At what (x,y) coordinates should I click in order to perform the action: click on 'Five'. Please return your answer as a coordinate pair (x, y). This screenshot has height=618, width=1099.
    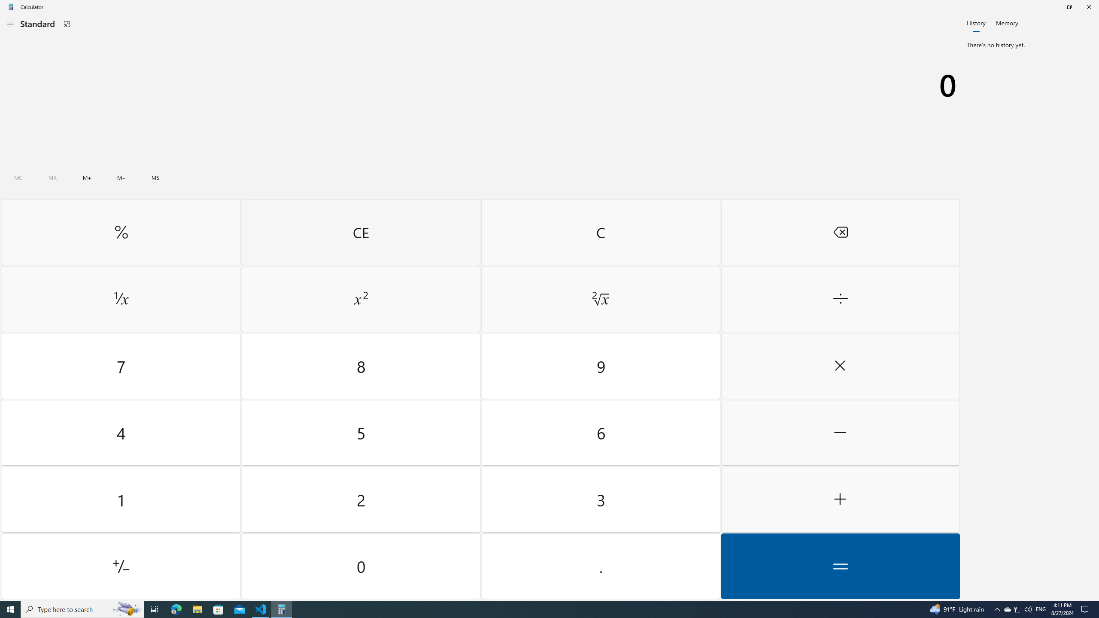
    Looking at the image, I should click on (361, 432).